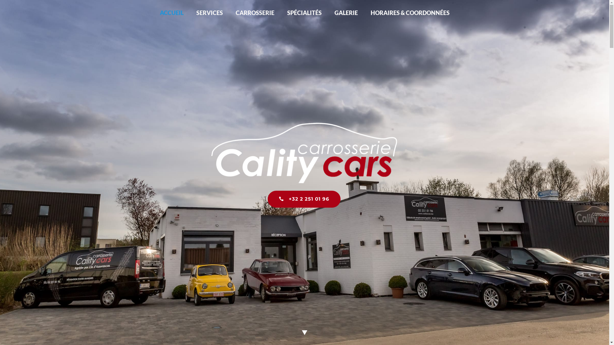 The image size is (614, 345). What do you see at coordinates (172, 12) in the screenshot?
I see `'ACCUEIL'` at bounding box center [172, 12].